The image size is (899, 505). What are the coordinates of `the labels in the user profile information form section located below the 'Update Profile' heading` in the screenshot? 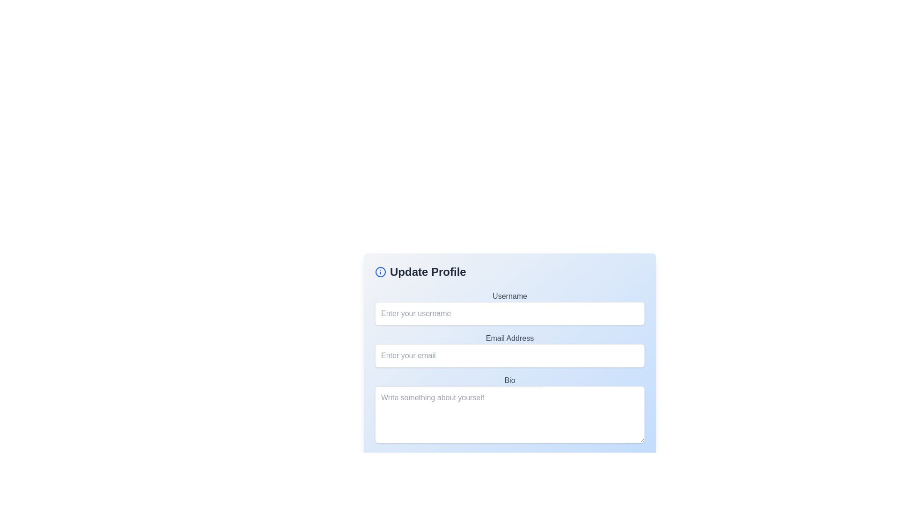 It's located at (509, 368).